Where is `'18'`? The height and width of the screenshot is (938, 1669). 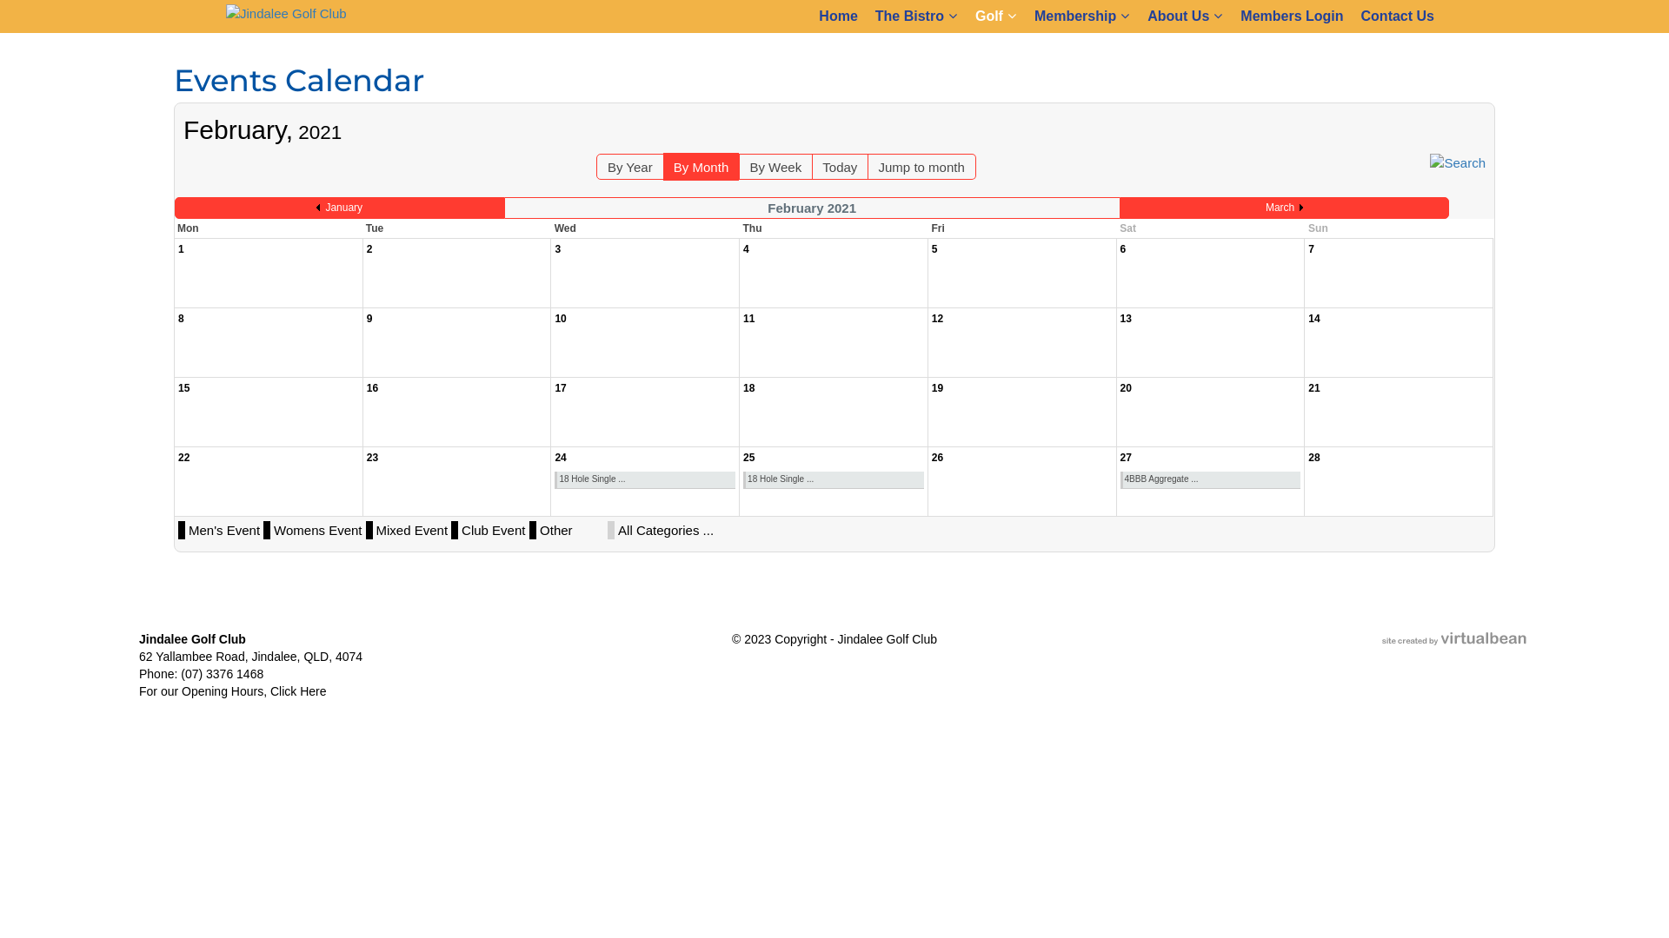 '18' is located at coordinates (742, 387).